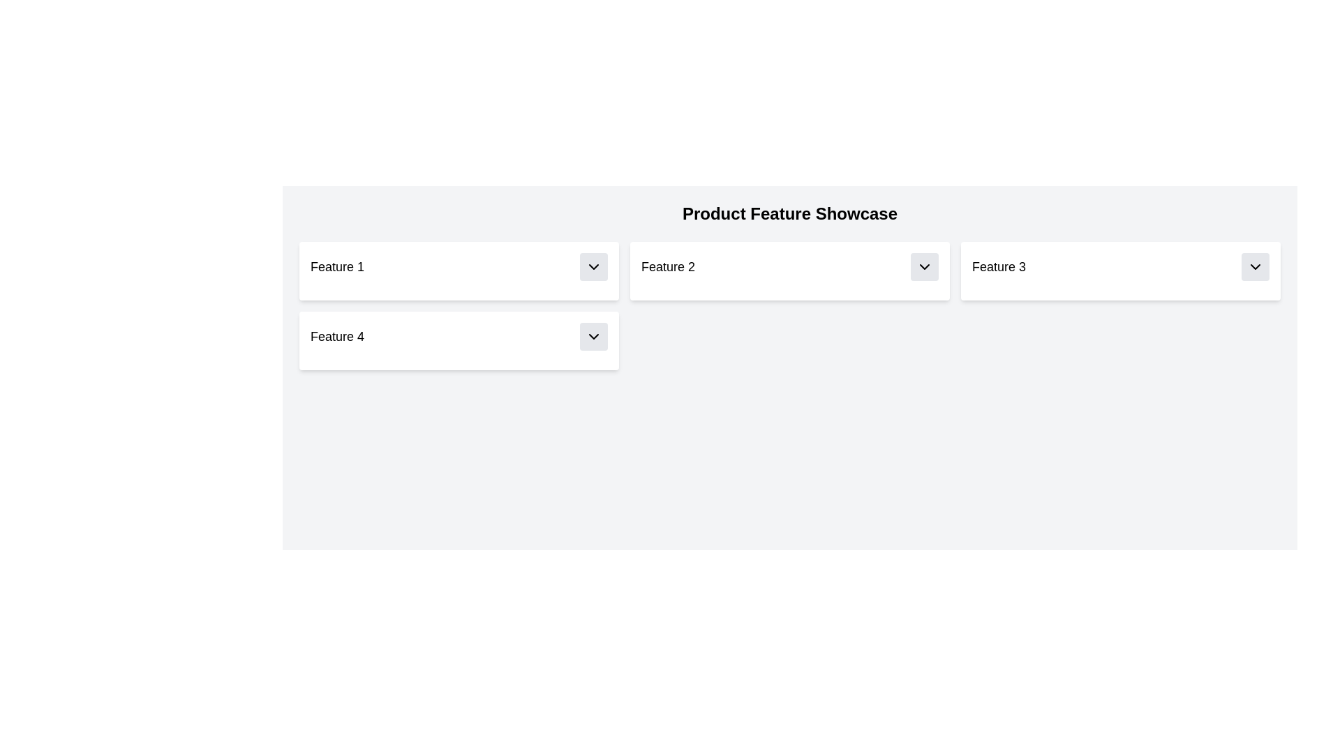  Describe the element at coordinates (1256, 266) in the screenshot. I see `the small downward-pointing chevron icon within the light gray rounded rectangular background` at that location.